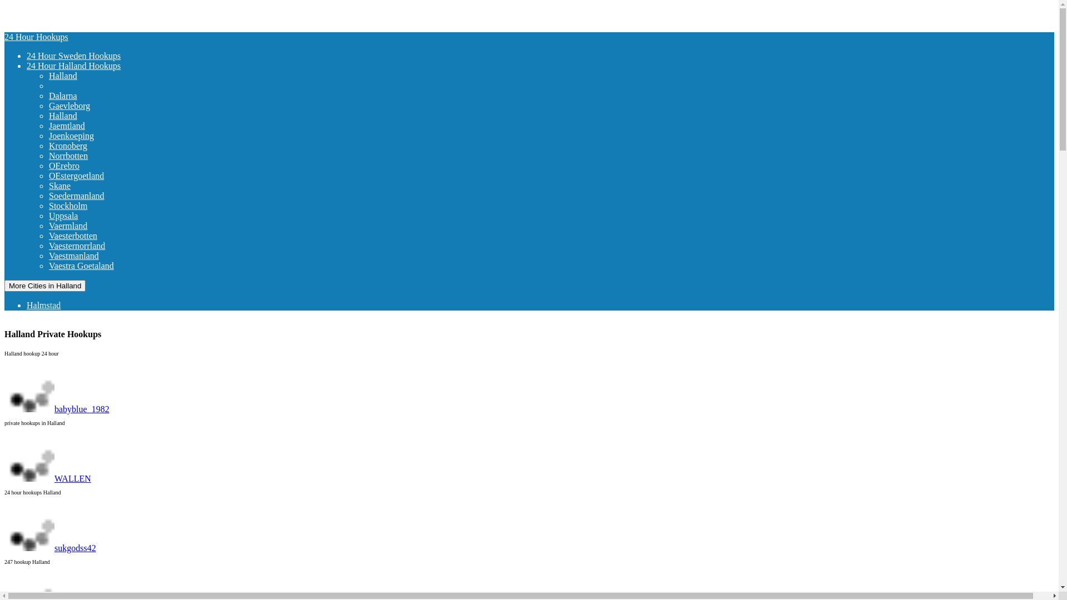 The image size is (1067, 600). I want to click on 'Vaesternorrland', so click(96, 245).